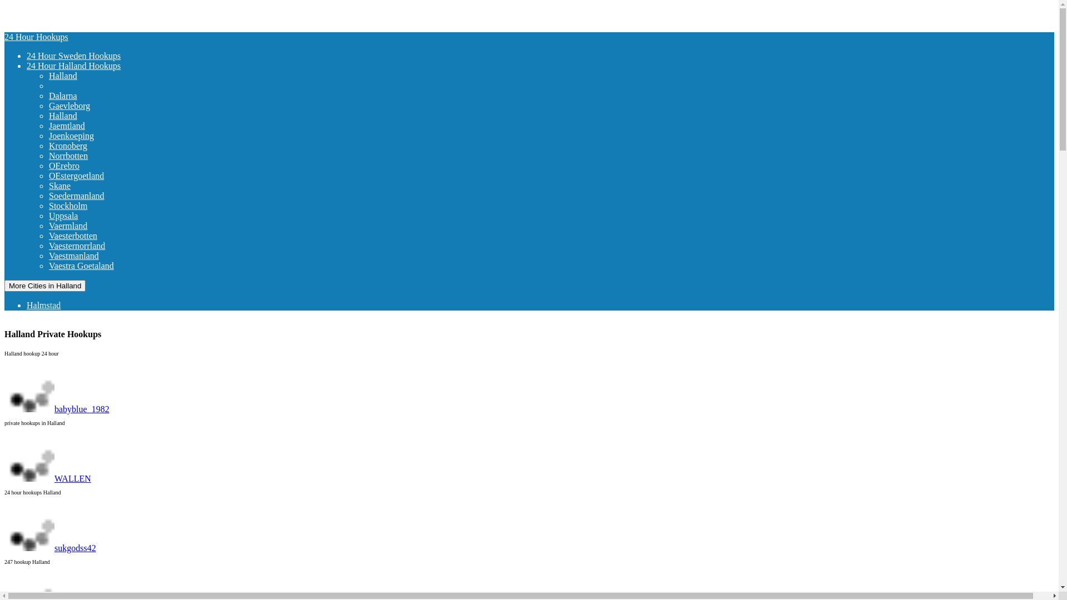 The image size is (1067, 600). I want to click on 'Vaesternorrland', so click(96, 245).